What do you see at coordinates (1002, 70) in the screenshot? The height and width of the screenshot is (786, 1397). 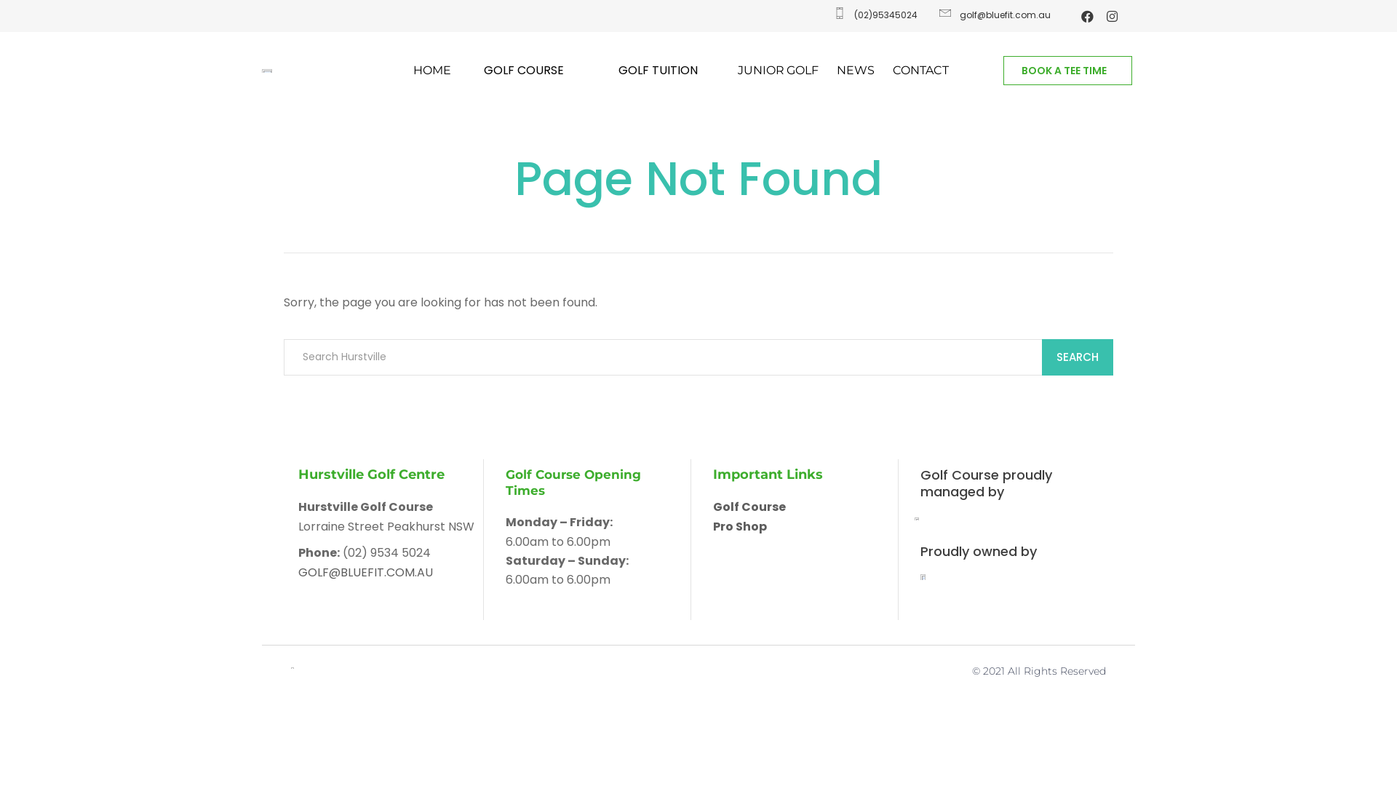 I see `'BOOK A TEE TIME'` at bounding box center [1002, 70].